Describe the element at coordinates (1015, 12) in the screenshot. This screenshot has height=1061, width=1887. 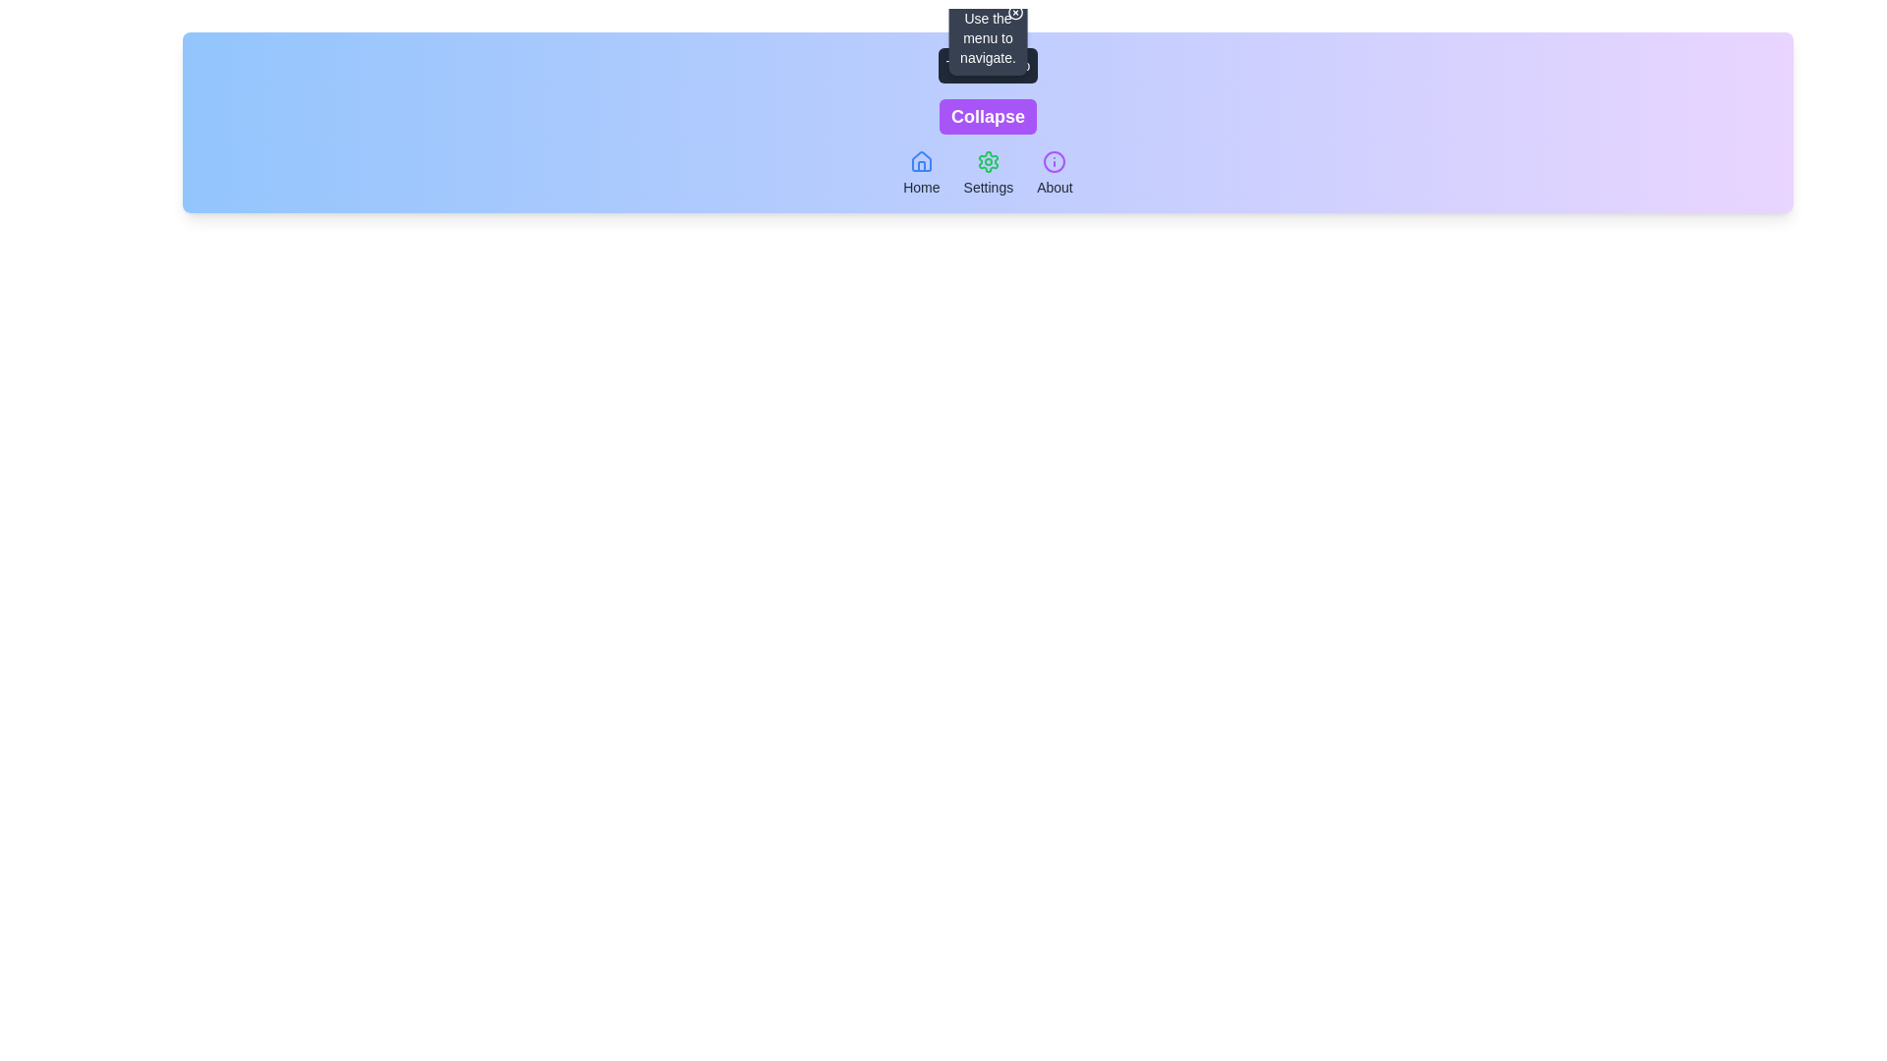
I see `the close icon in the top-right corner of the tooltip that contains the message 'Use the menu to navigate'` at that location.